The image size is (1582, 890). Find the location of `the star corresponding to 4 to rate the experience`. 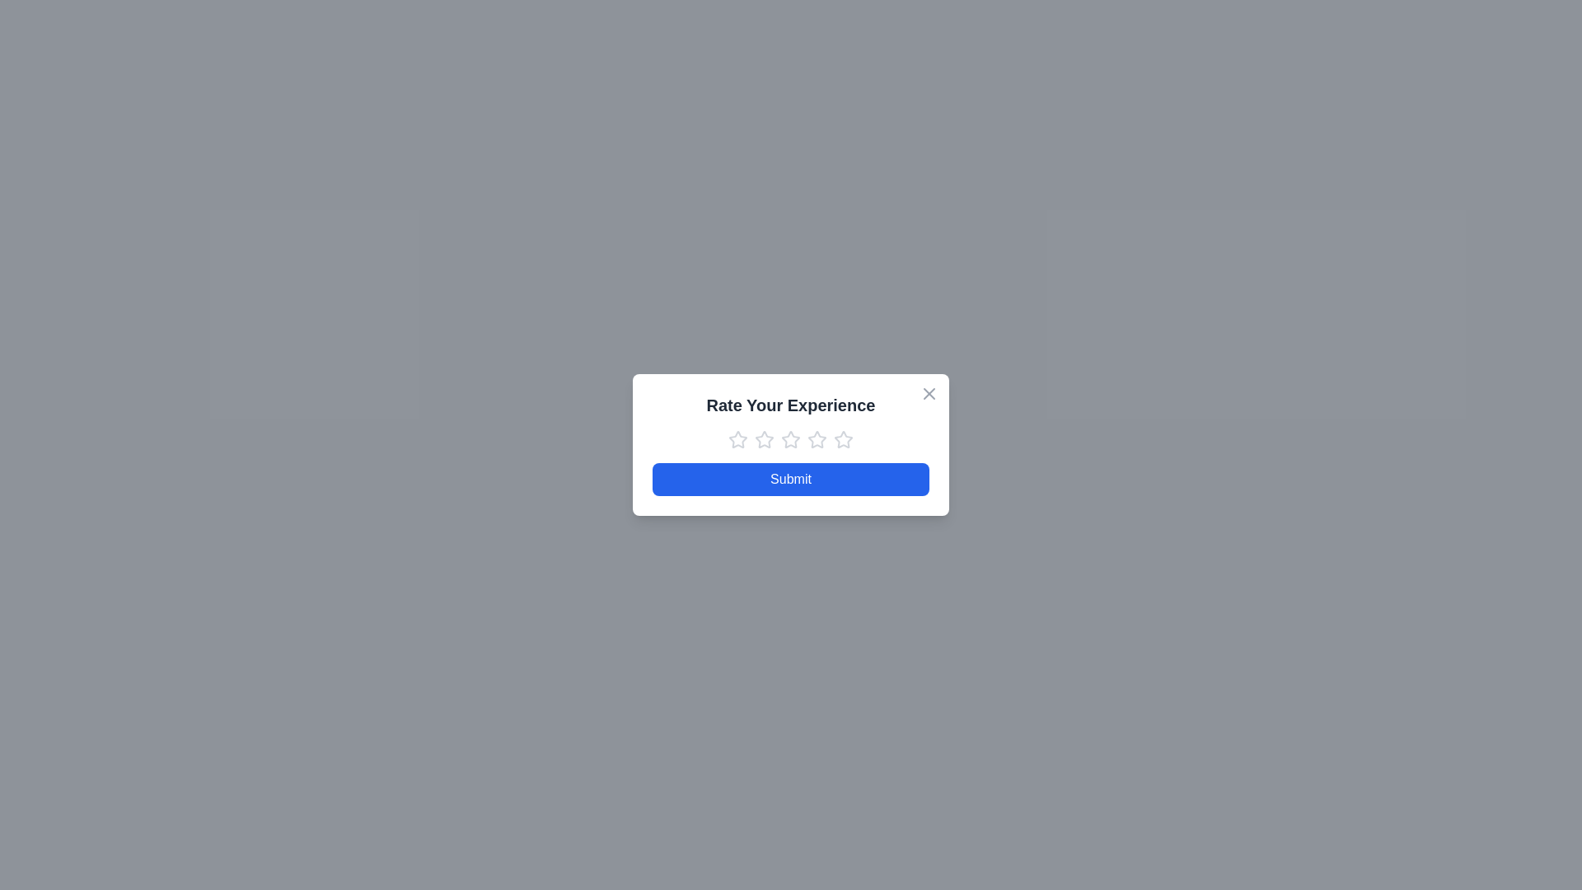

the star corresponding to 4 to rate the experience is located at coordinates (817, 438).